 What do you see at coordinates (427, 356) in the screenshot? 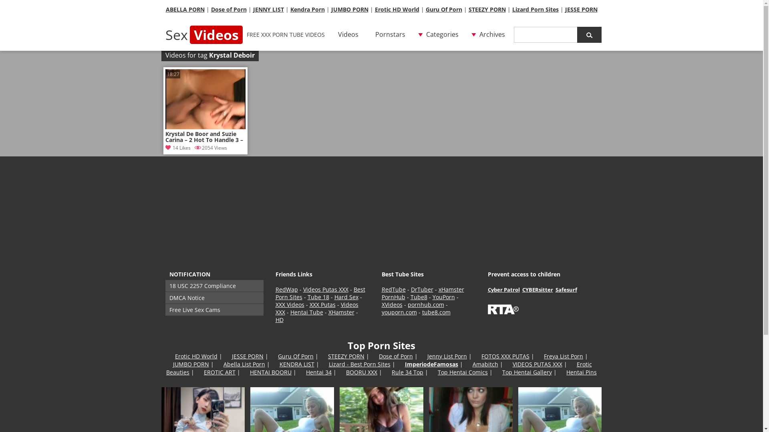
I see `'Jenny List Porn'` at bounding box center [427, 356].